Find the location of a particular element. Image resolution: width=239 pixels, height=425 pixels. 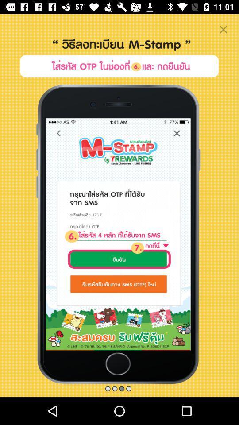

the close icon is located at coordinates (223, 29).